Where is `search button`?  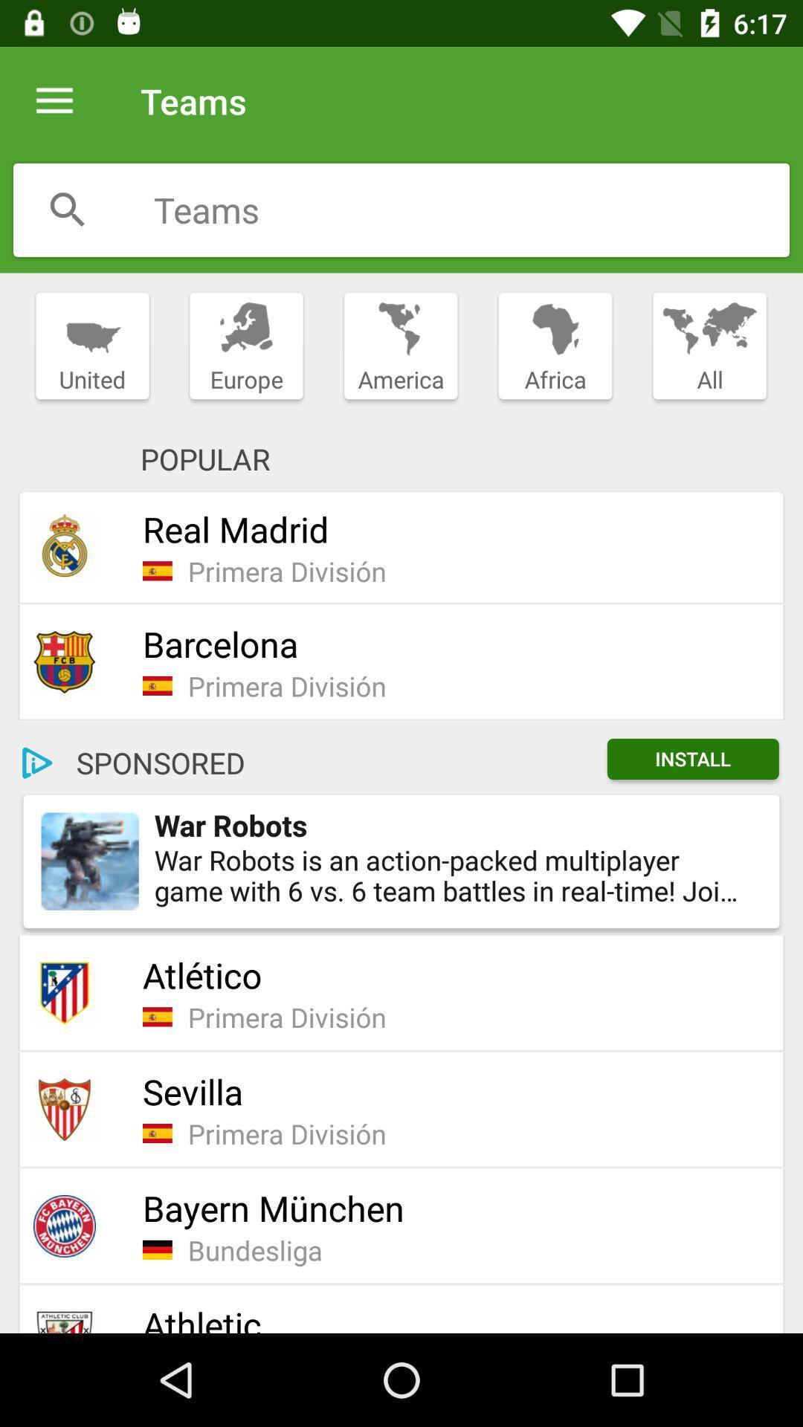 search button is located at coordinates (68, 209).